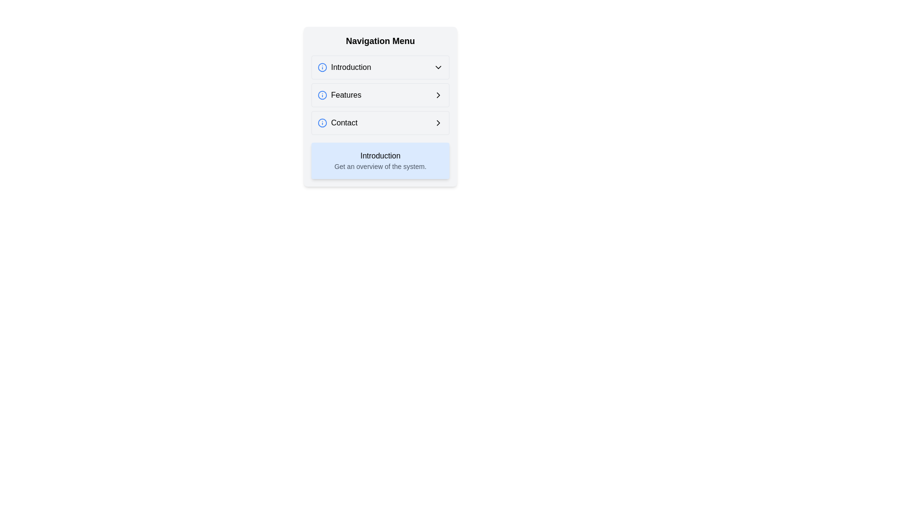 The height and width of the screenshot is (517, 920). What do you see at coordinates (438, 123) in the screenshot?
I see `the navigation icon located in the rightmost area of the 'Contact' navigation entry to proceed to the next page or section` at bounding box center [438, 123].